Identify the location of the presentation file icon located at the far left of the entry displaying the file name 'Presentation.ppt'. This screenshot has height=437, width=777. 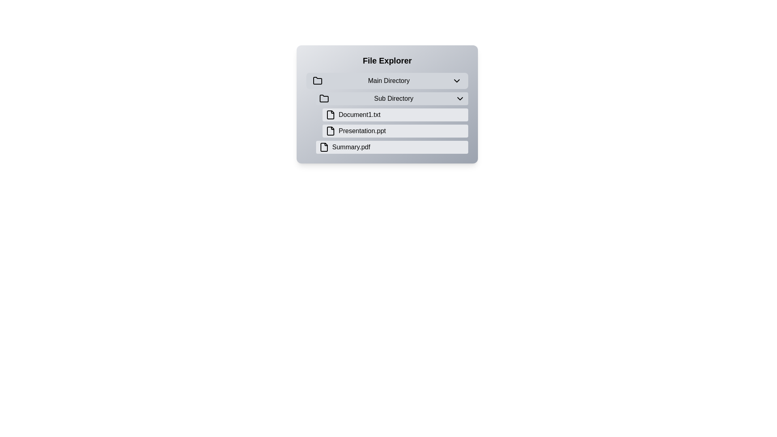
(330, 131).